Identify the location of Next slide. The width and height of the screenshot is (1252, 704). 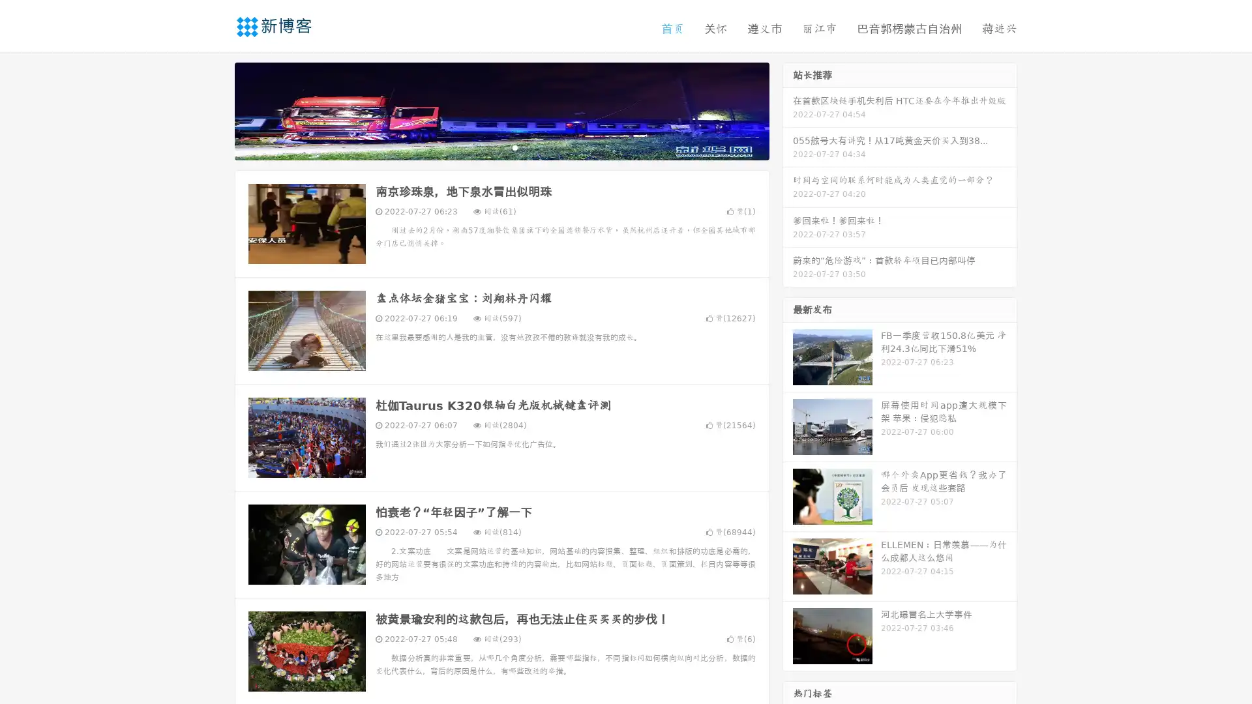
(788, 110).